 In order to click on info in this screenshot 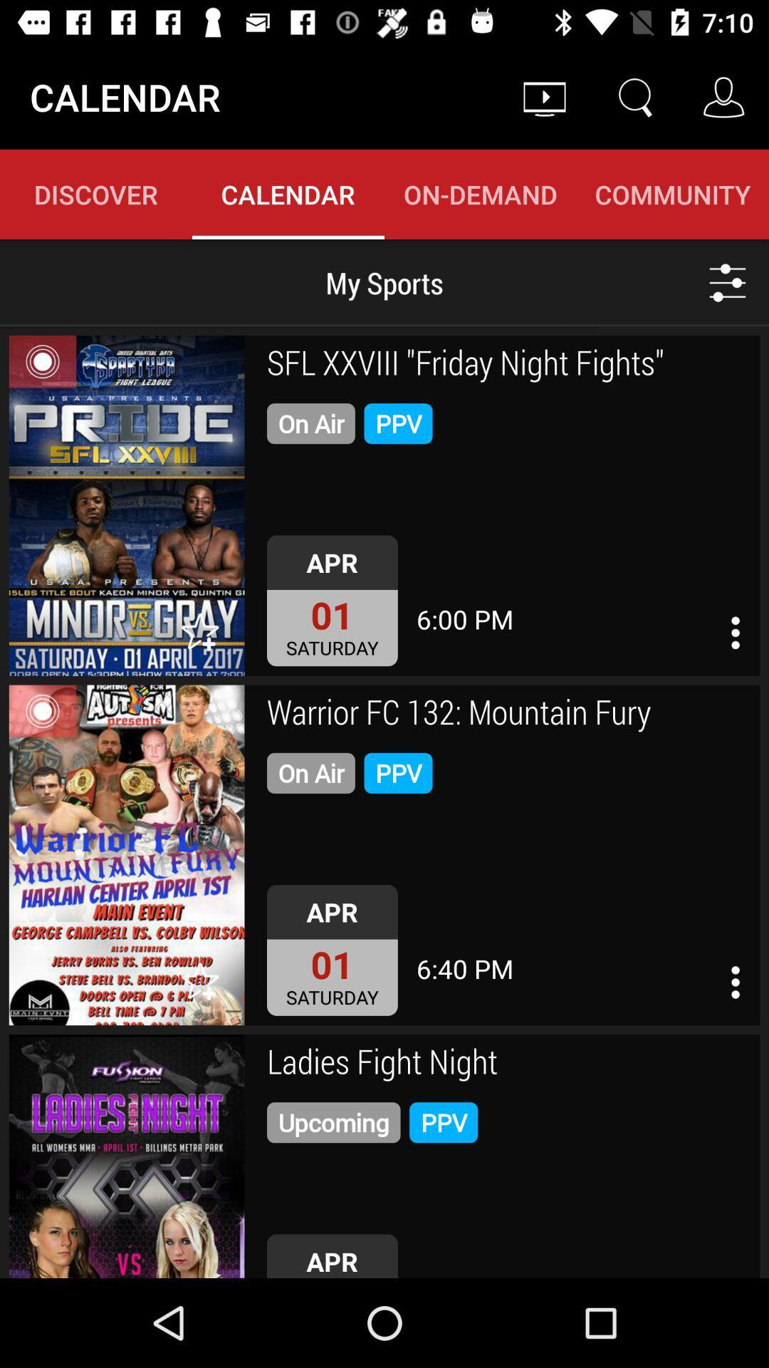, I will do `click(736, 981)`.